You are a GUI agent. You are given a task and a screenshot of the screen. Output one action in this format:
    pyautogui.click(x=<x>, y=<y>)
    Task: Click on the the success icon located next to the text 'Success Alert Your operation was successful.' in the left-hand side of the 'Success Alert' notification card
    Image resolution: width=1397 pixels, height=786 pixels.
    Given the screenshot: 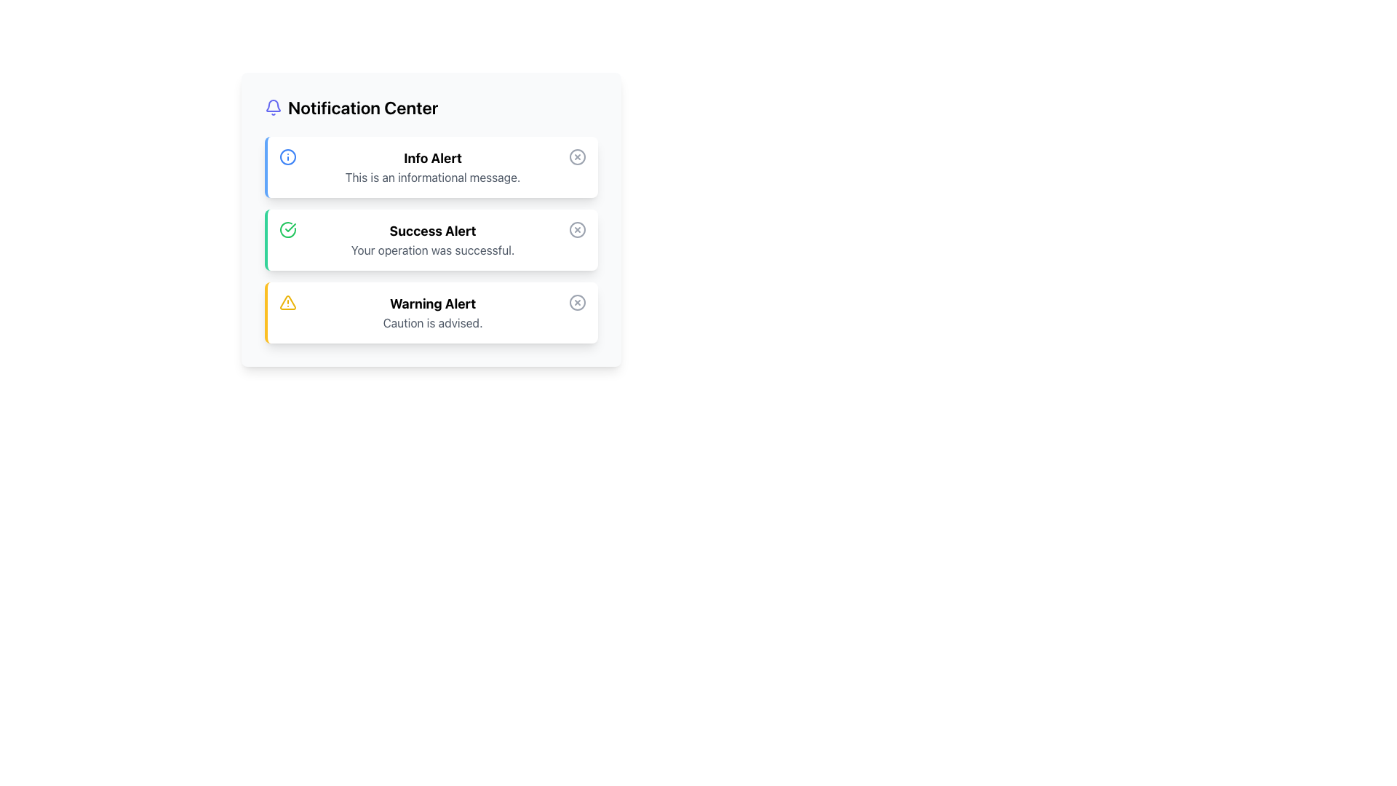 What is the action you would take?
    pyautogui.click(x=287, y=229)
    